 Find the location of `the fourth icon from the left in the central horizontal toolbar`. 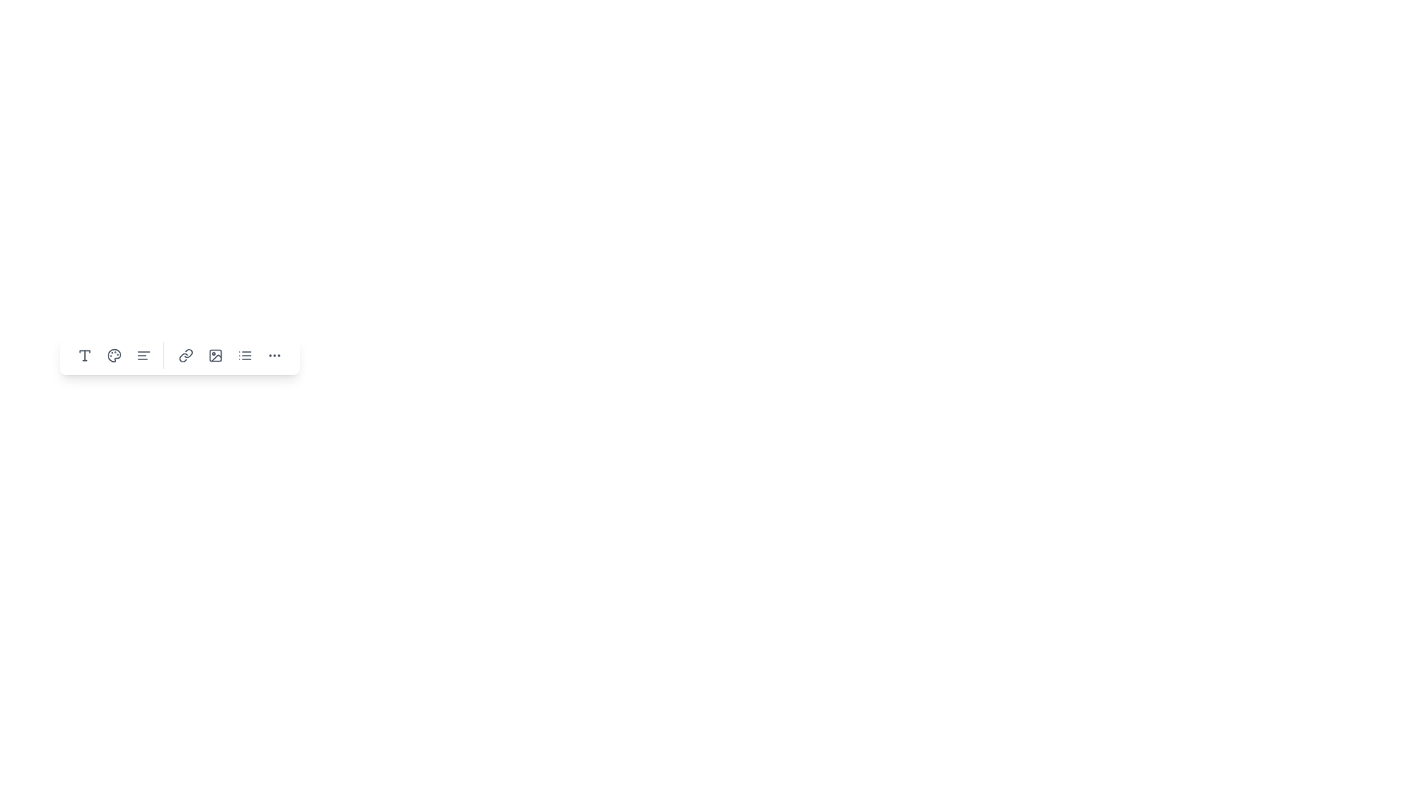

the fourth icon from the left in the central horizontal toolbar is located at coordinates (179, 356).